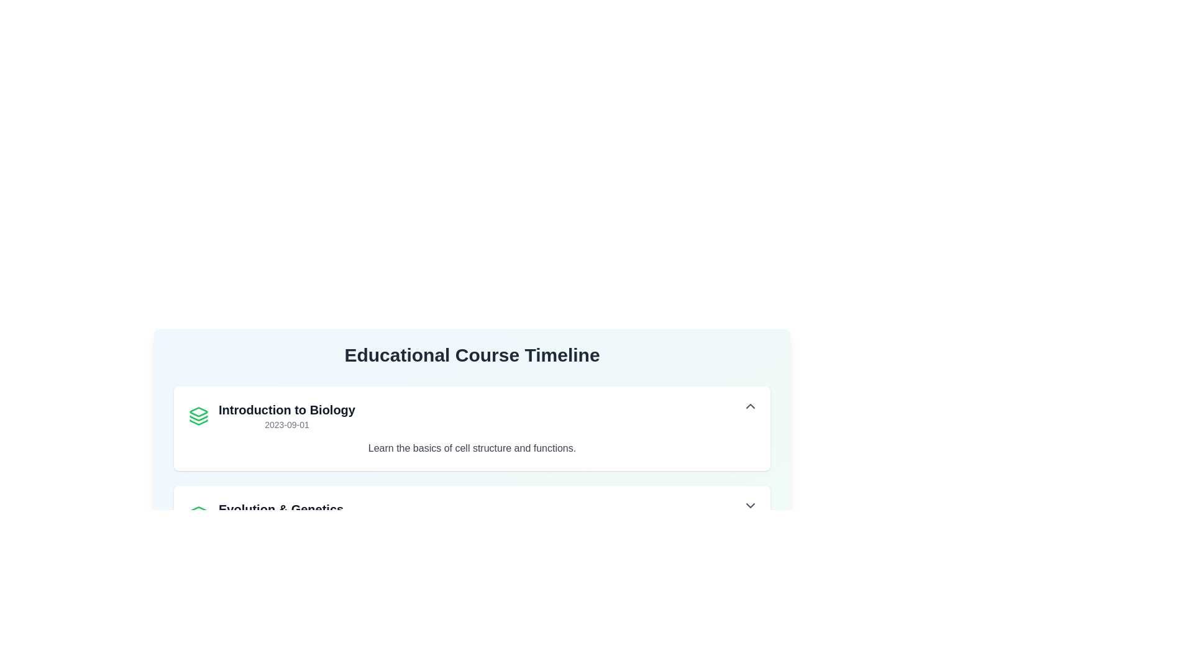 Image resolution: width=1193 pixels, height=671 pixels. What do you see at coordinates (286, 424) in the screenshot?
I see `the Text Label displaying '2023-09-01' located beneath the title 'Introduction to Biology' in the Educational Course Timeline` at bounding box center [286, 424].